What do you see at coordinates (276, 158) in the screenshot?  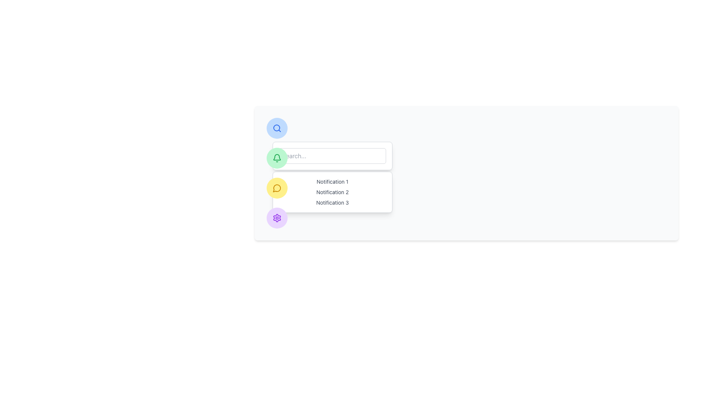 I see `the green bell icon located in the sidebar menu, which is the second icon in a vertical sequence of round buttons, each differing by color and icon` at bounding box center [276, 158].